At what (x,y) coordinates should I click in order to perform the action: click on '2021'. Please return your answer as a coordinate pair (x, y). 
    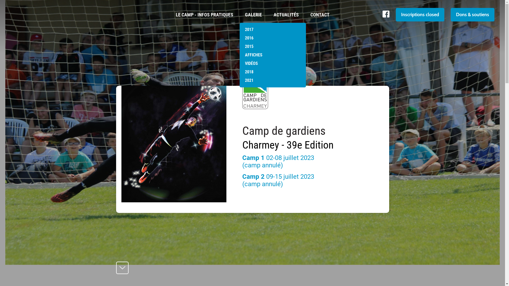
    Looking at the image, I should click on (273, 81).